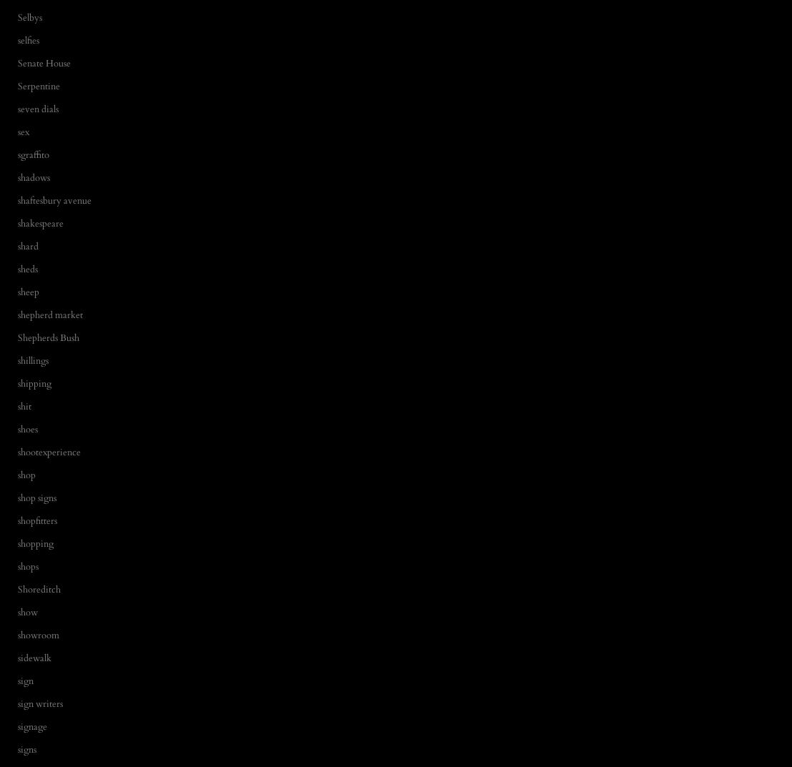 Image resolution: width=792 pixels, height=767 pixels. I want to click on 'sign writers', so click(39, 703).